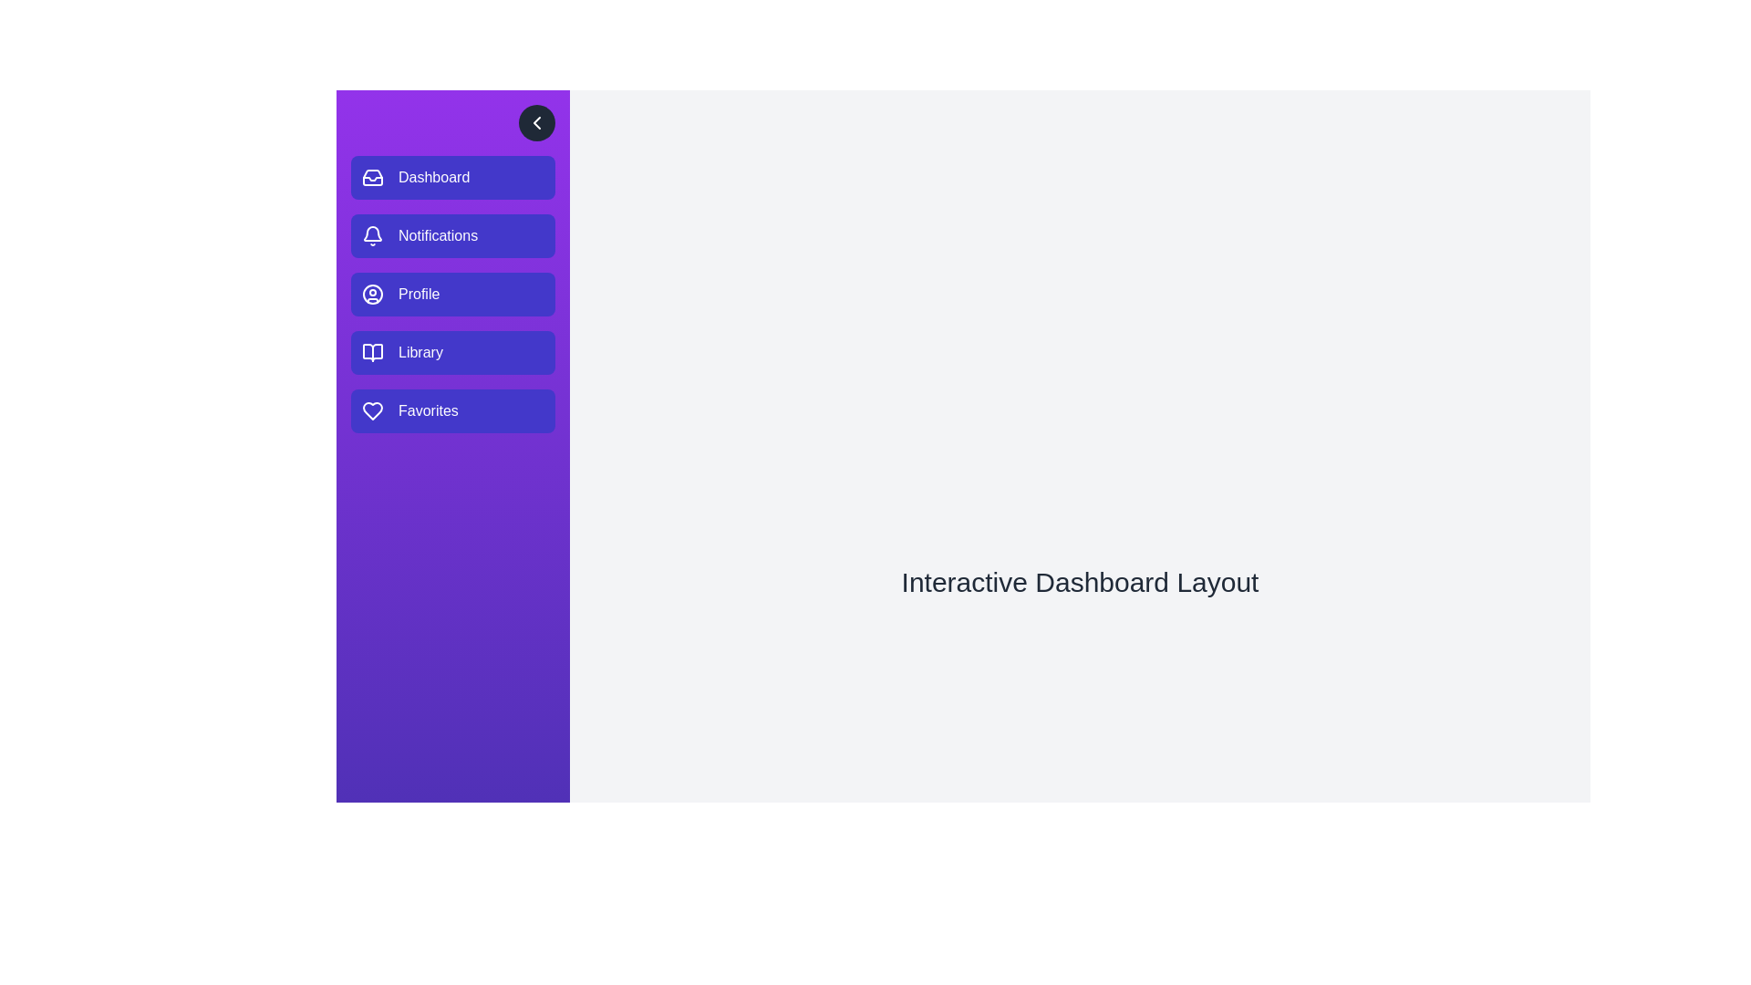 The image size is (1751, 985). What do you see at coordinates (453, 352) in the screenshot?
I see `the menu item labeled Library` at bounding box center [453, 352].